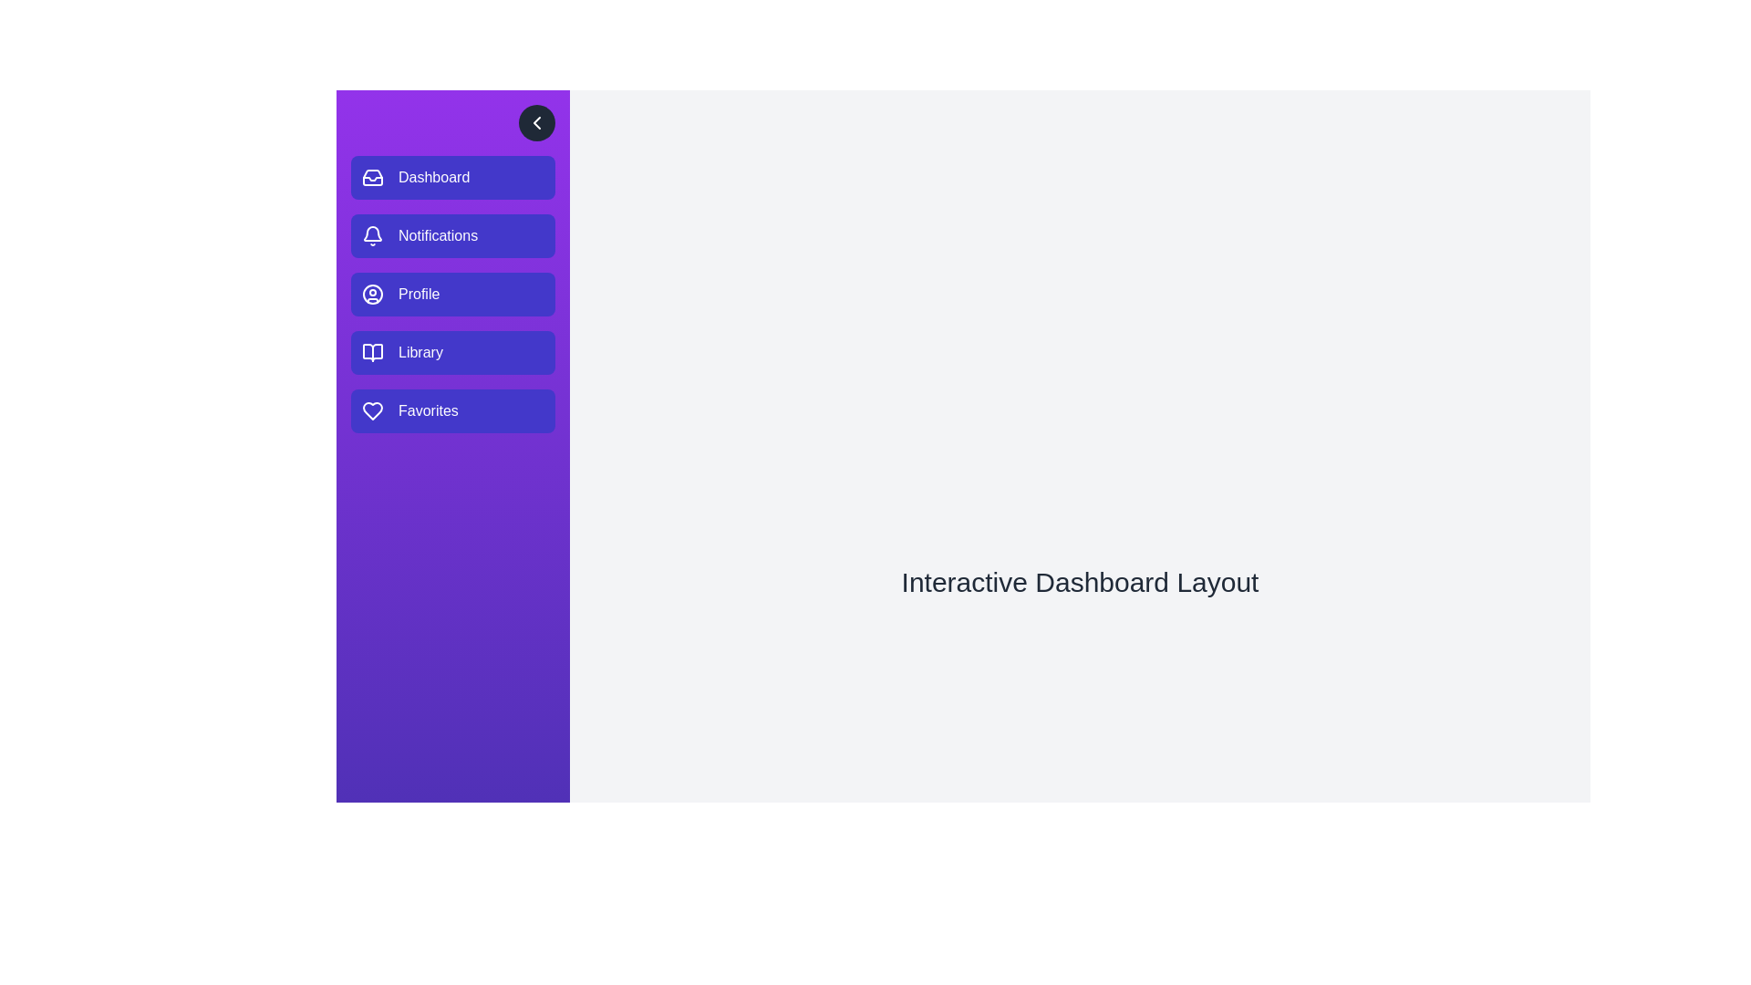 The image size is (1751, 985). What do you see at coordinates (453, 352) in the screenshot?
I see `the menu item labeled Library` at bounding box center [453, 352].